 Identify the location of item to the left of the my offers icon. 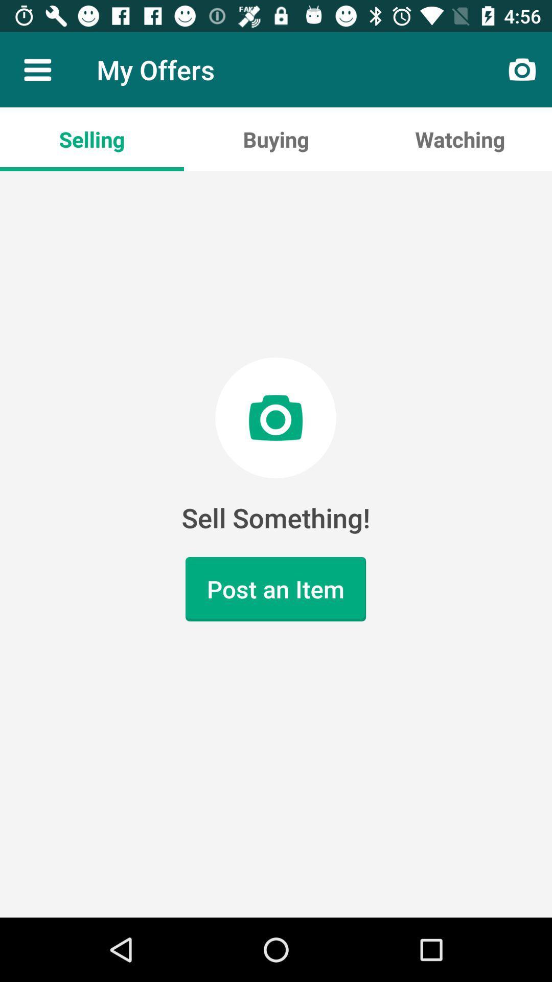
(37, 69).